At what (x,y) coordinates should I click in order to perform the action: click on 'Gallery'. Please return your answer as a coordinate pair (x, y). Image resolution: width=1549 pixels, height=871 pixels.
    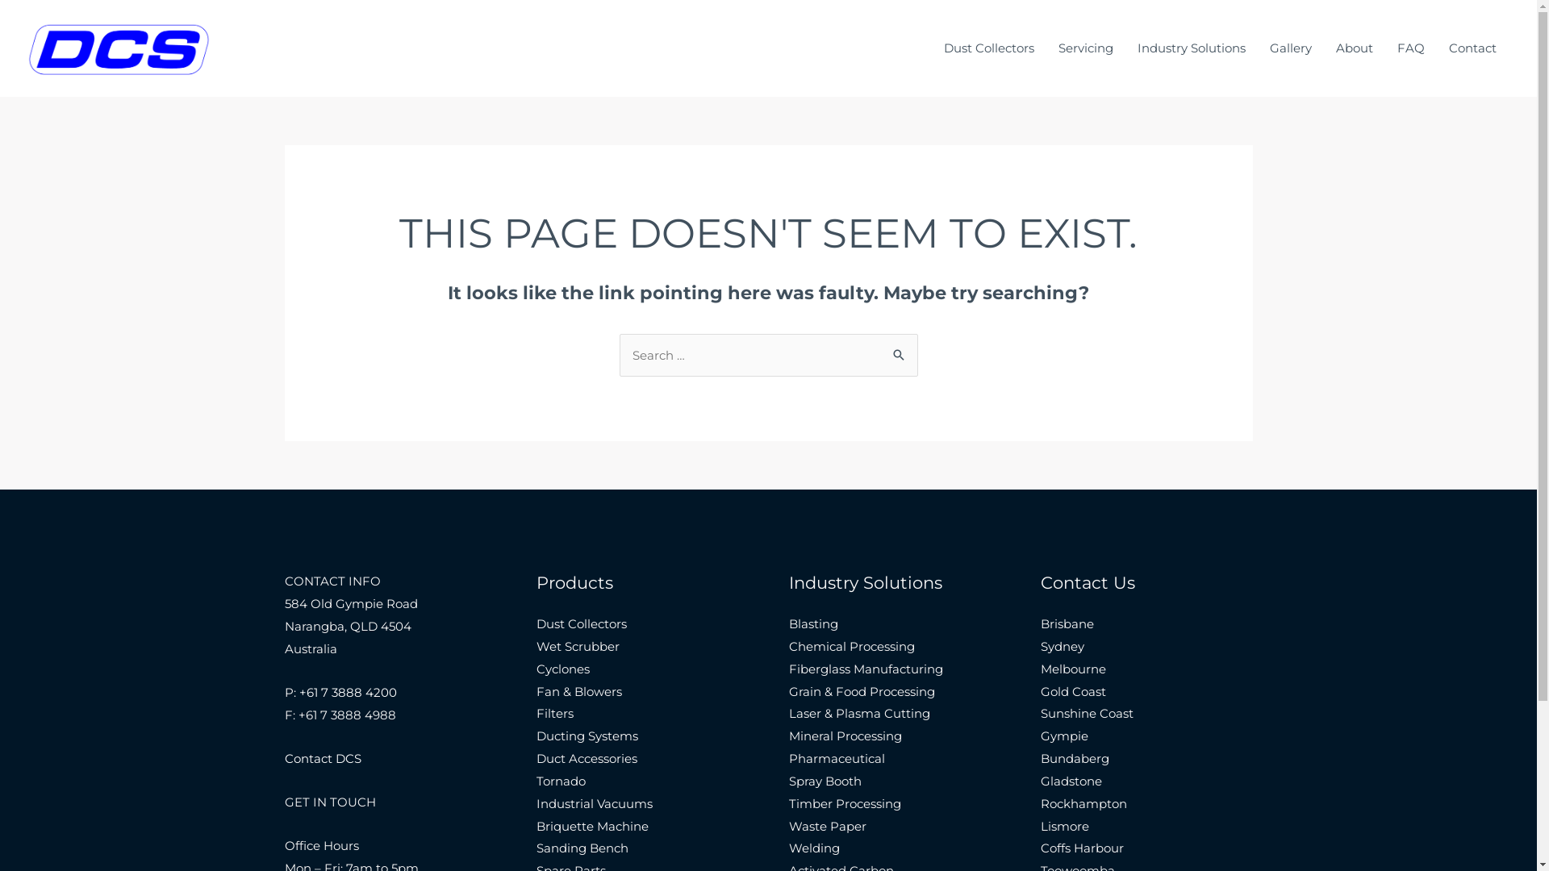
    Looking at the image, I should click on (1289, 48).